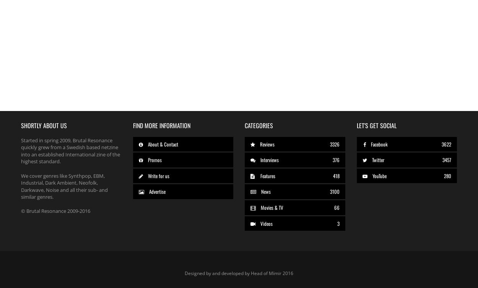 The width and height of the screenshot is (478, 288). Describe the element at coordinates (161, 125) in the screenshot. I see `'Find more information'` at that location.